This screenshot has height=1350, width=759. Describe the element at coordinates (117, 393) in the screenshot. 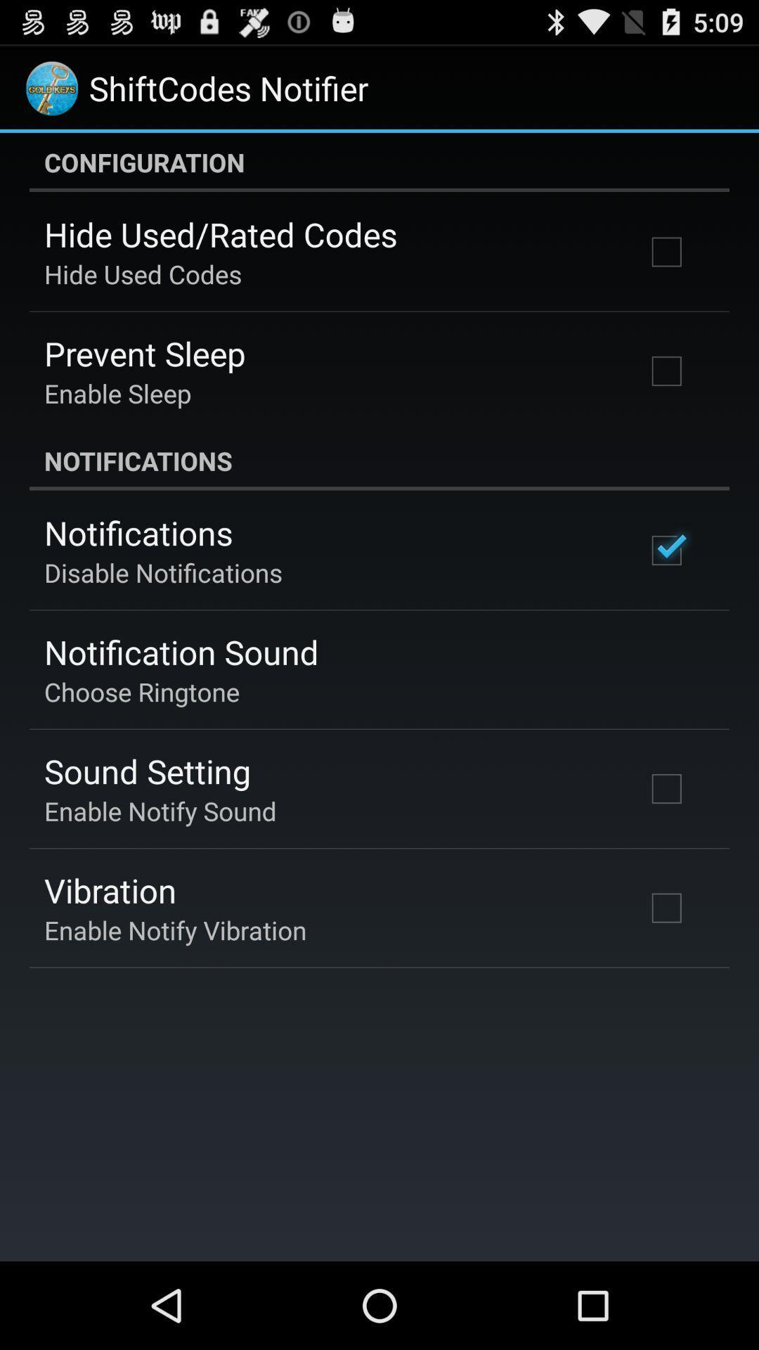

I see `item above the notifications icon` at that location.